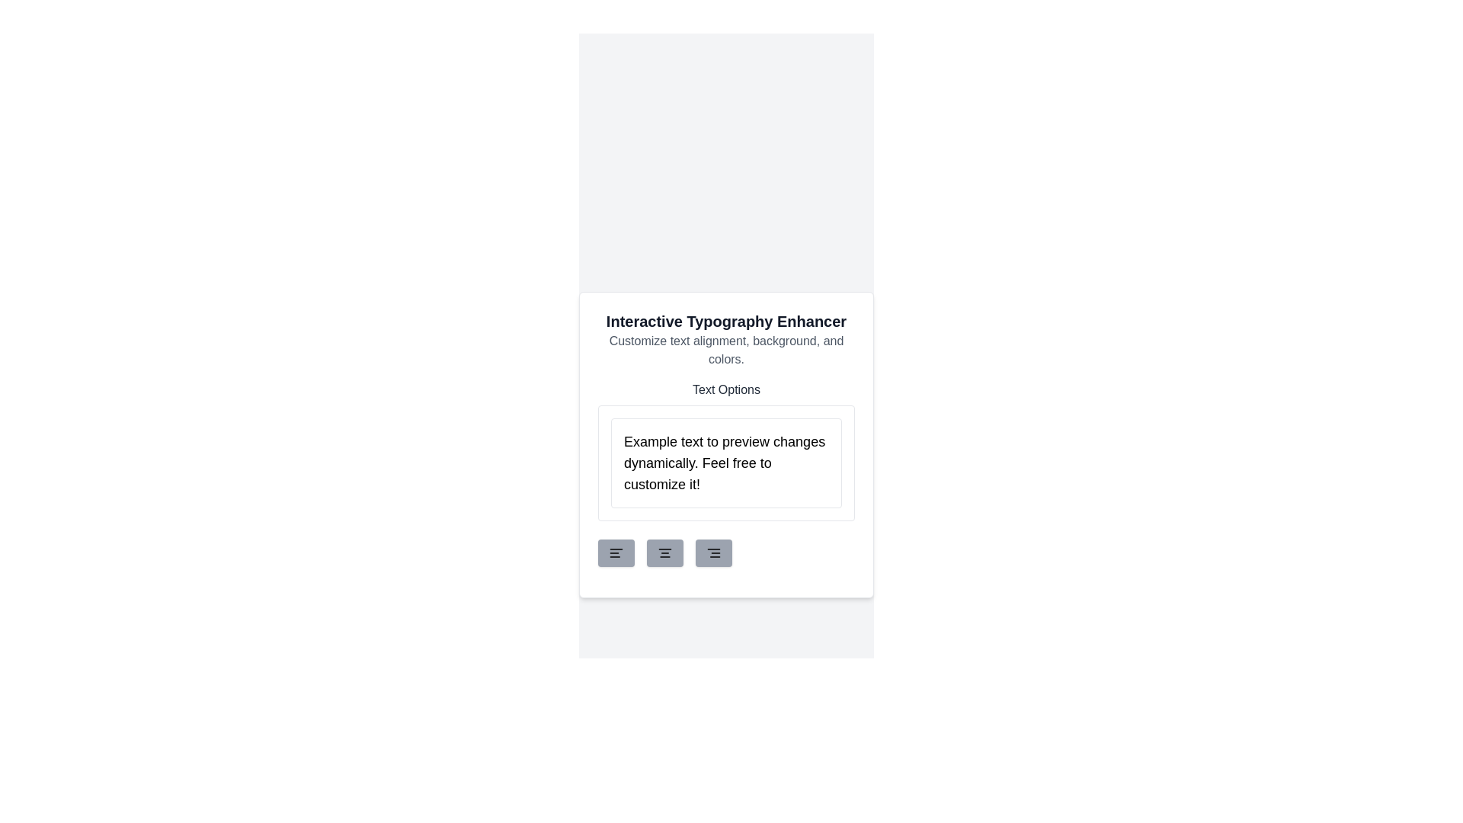 The image size is (1463, 823). I want to click on the left alignment icon button, which is the leftmost button in the group of three buttons at the bottom of the 'Interactive Typography Enhancer' card, so click(616, 552).